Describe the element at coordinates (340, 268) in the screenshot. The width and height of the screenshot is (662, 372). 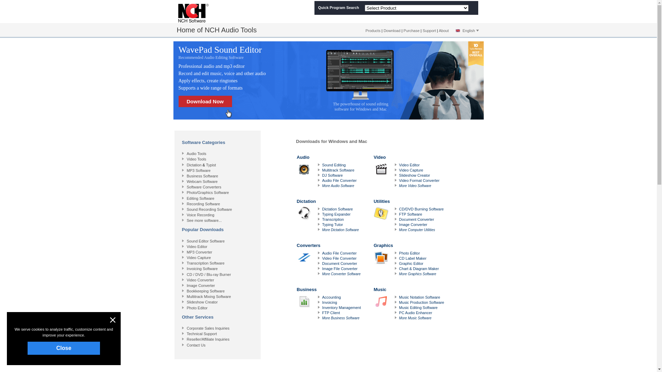
I see `'Image File Converter'` at that location.